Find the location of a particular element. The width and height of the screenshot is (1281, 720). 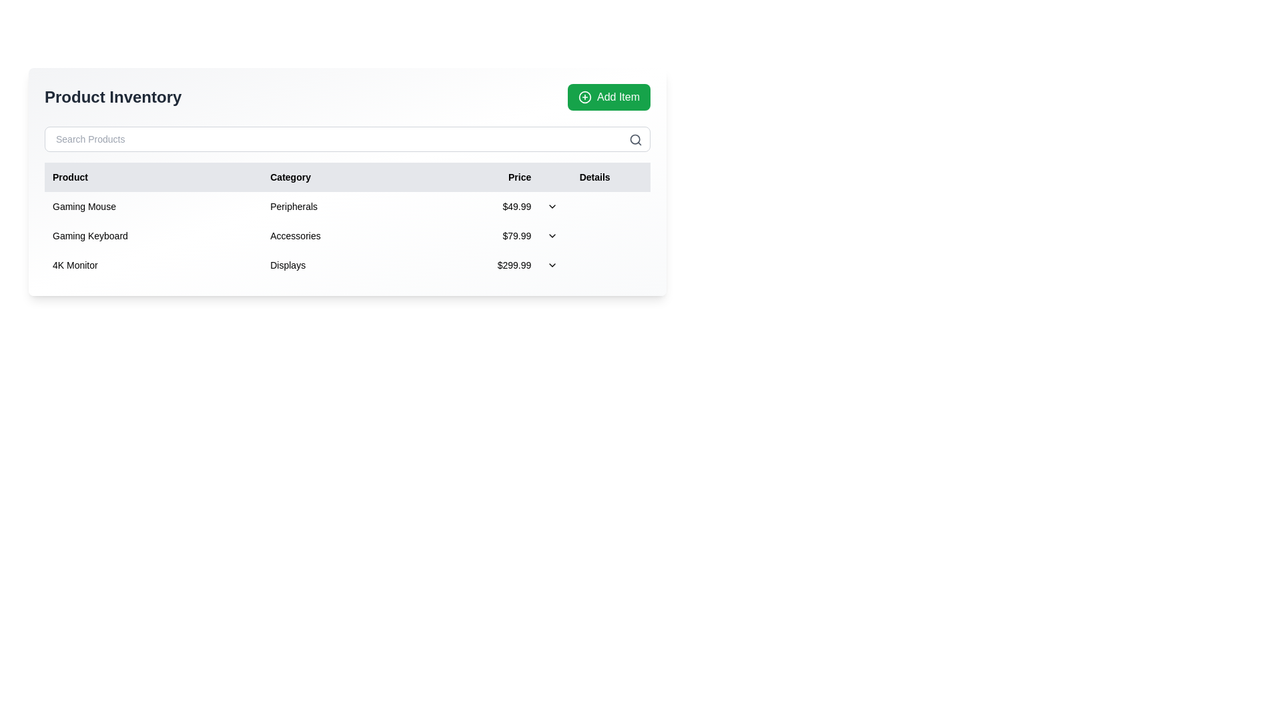

the green button labeled 'Add Item' with a white plus icon is located at coordinates (608, 97).